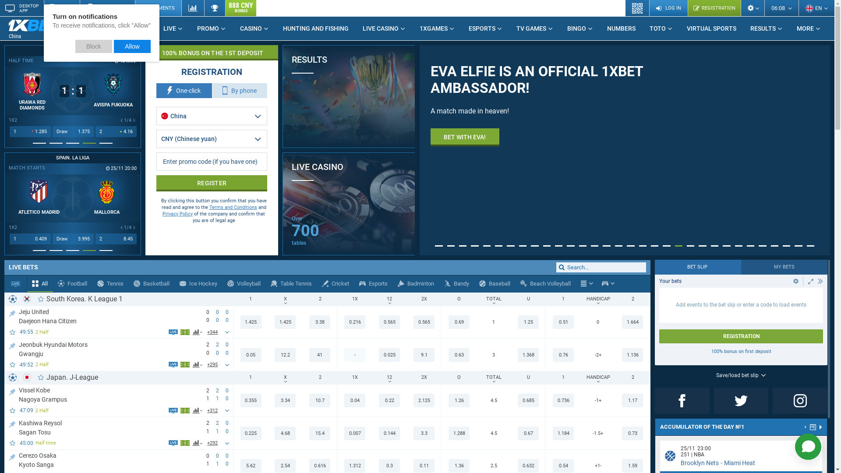 The height and width of the screenshot is (473, 841). I want to click on 'BINGO', so click(559, 28).